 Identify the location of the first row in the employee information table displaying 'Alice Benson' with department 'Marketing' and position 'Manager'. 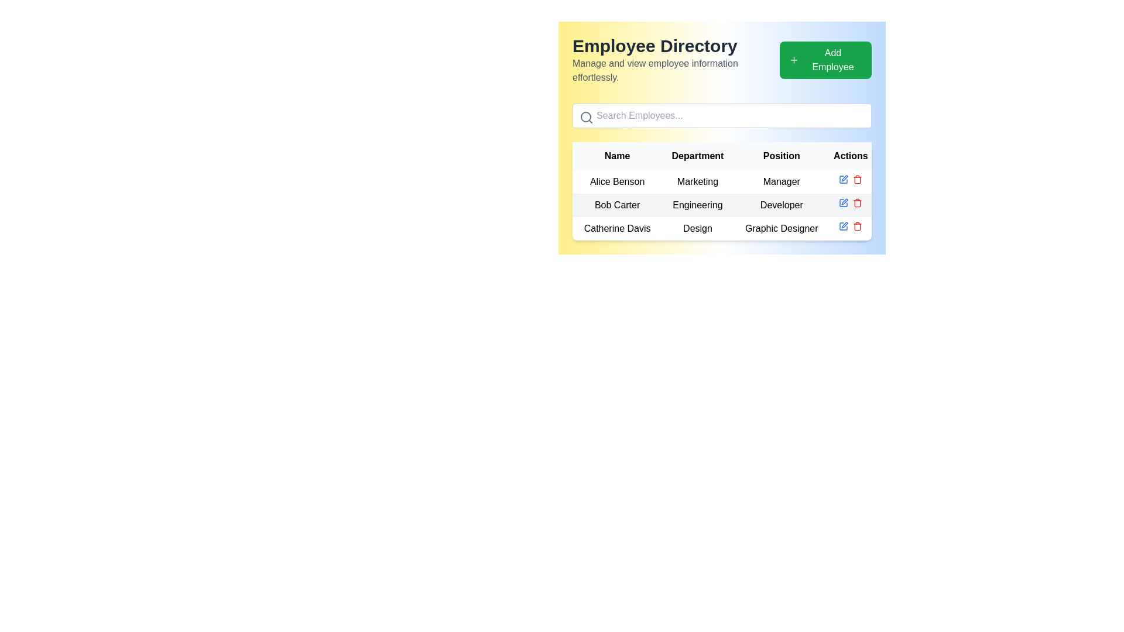
(721, 191).